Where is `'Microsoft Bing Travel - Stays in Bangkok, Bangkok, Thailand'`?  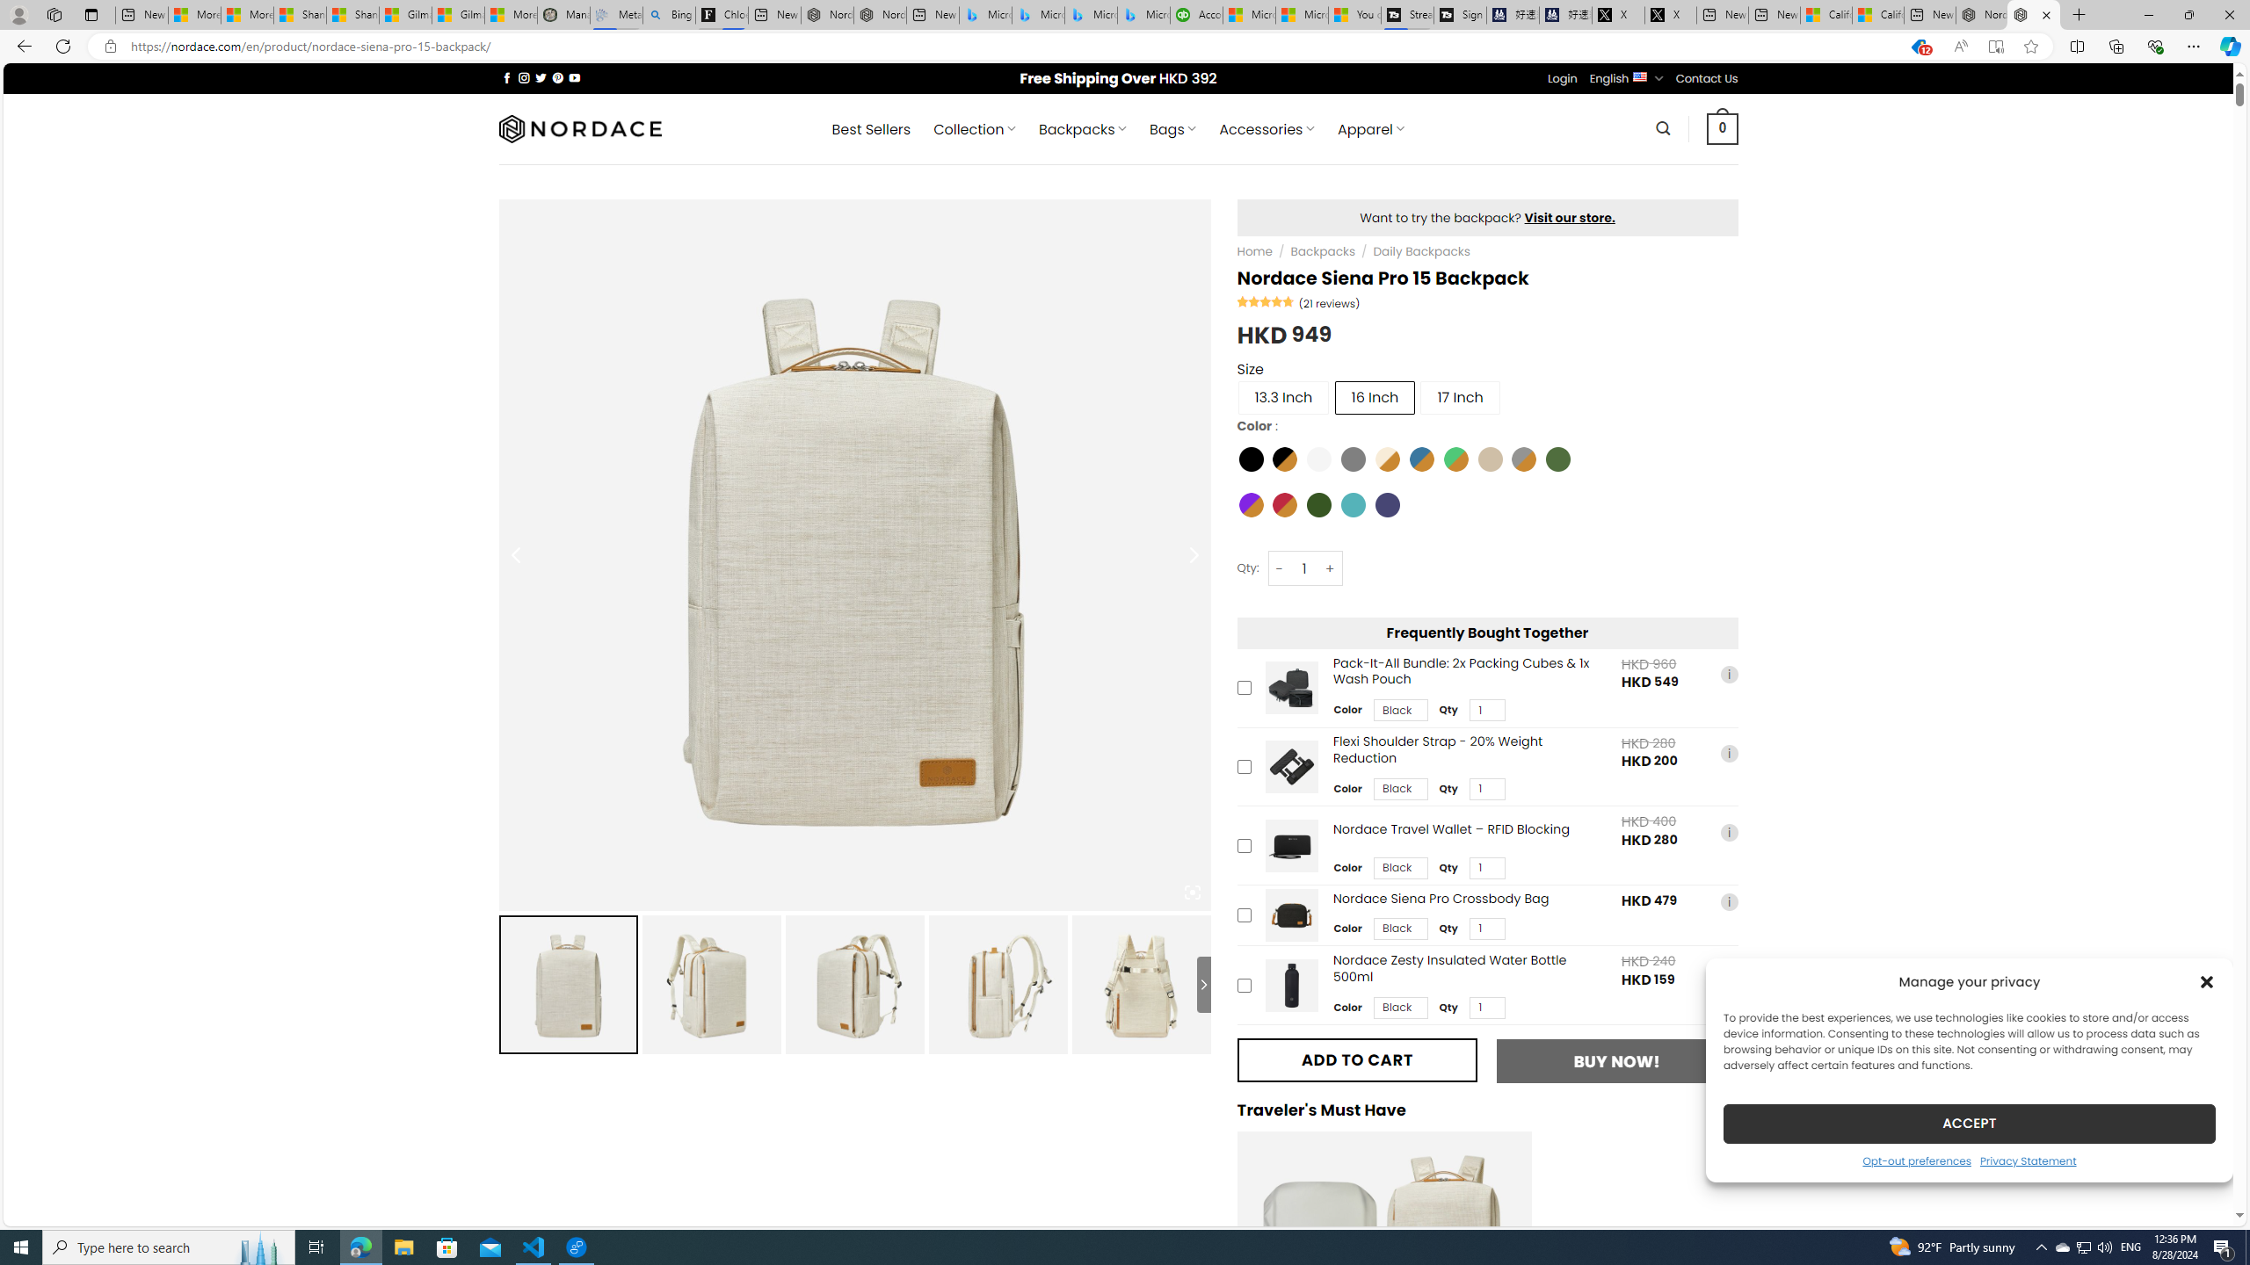 'Microsoft Bing Travel - Stays in Bangkok, Bangkok, Thailand' is located at coordinates (1038, 14).